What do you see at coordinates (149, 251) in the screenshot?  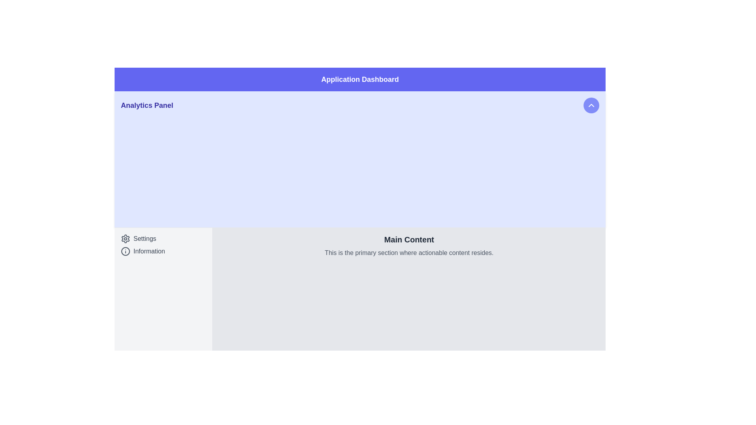 I see `the text label displaying 'Information' styled in gray, located in the bottom-left section of the page, to the right of the information icon` at bounding box center [149, 251].